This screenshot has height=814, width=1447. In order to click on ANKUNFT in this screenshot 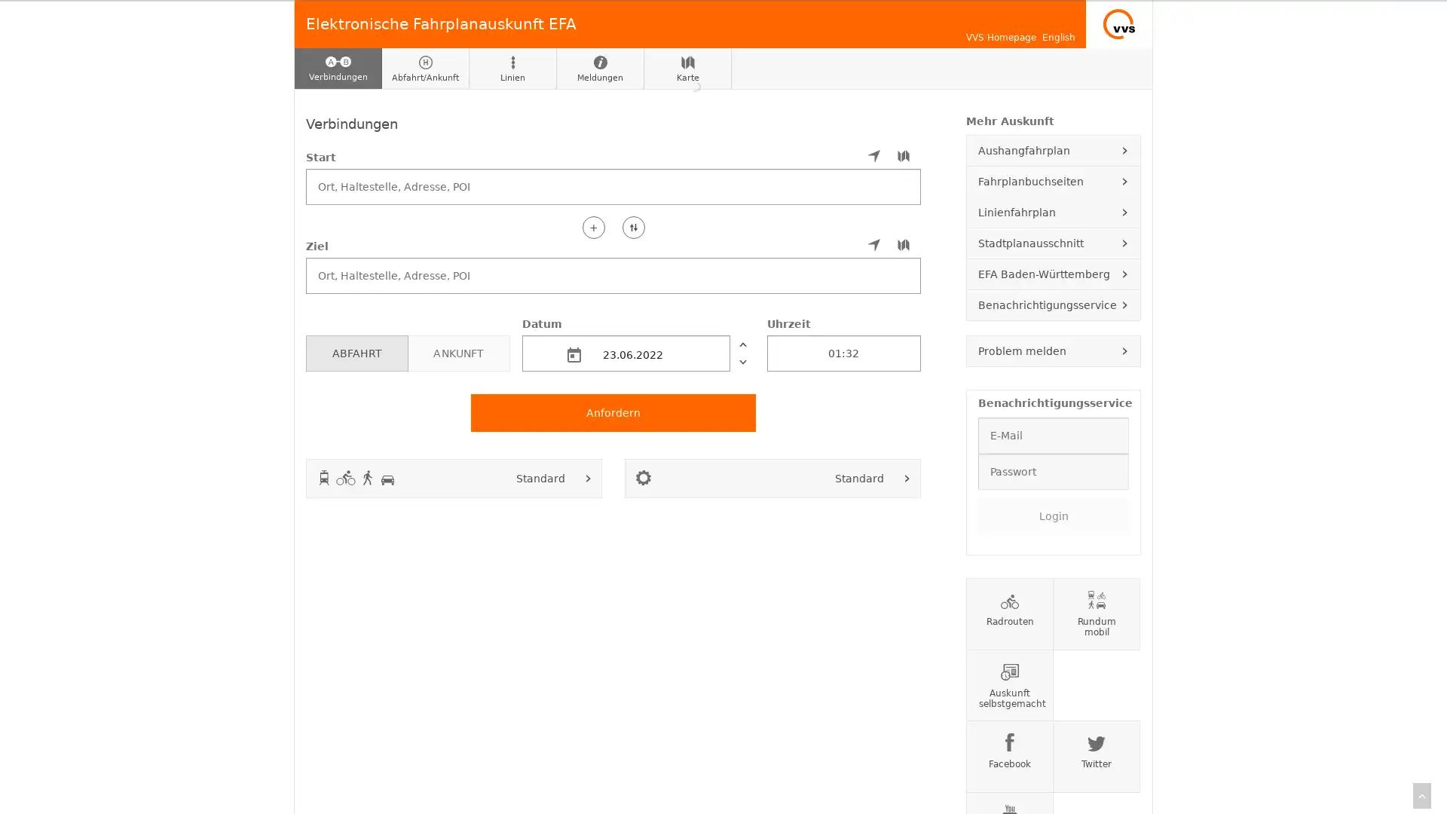, I will do `click(457, 352)`.